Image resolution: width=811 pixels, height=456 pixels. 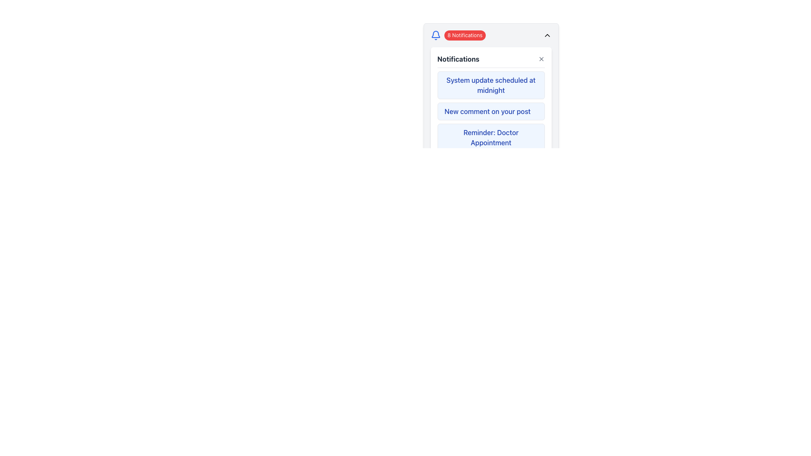 I want to click on the arrow on the Notification Bar, so click(x=491, y=35).